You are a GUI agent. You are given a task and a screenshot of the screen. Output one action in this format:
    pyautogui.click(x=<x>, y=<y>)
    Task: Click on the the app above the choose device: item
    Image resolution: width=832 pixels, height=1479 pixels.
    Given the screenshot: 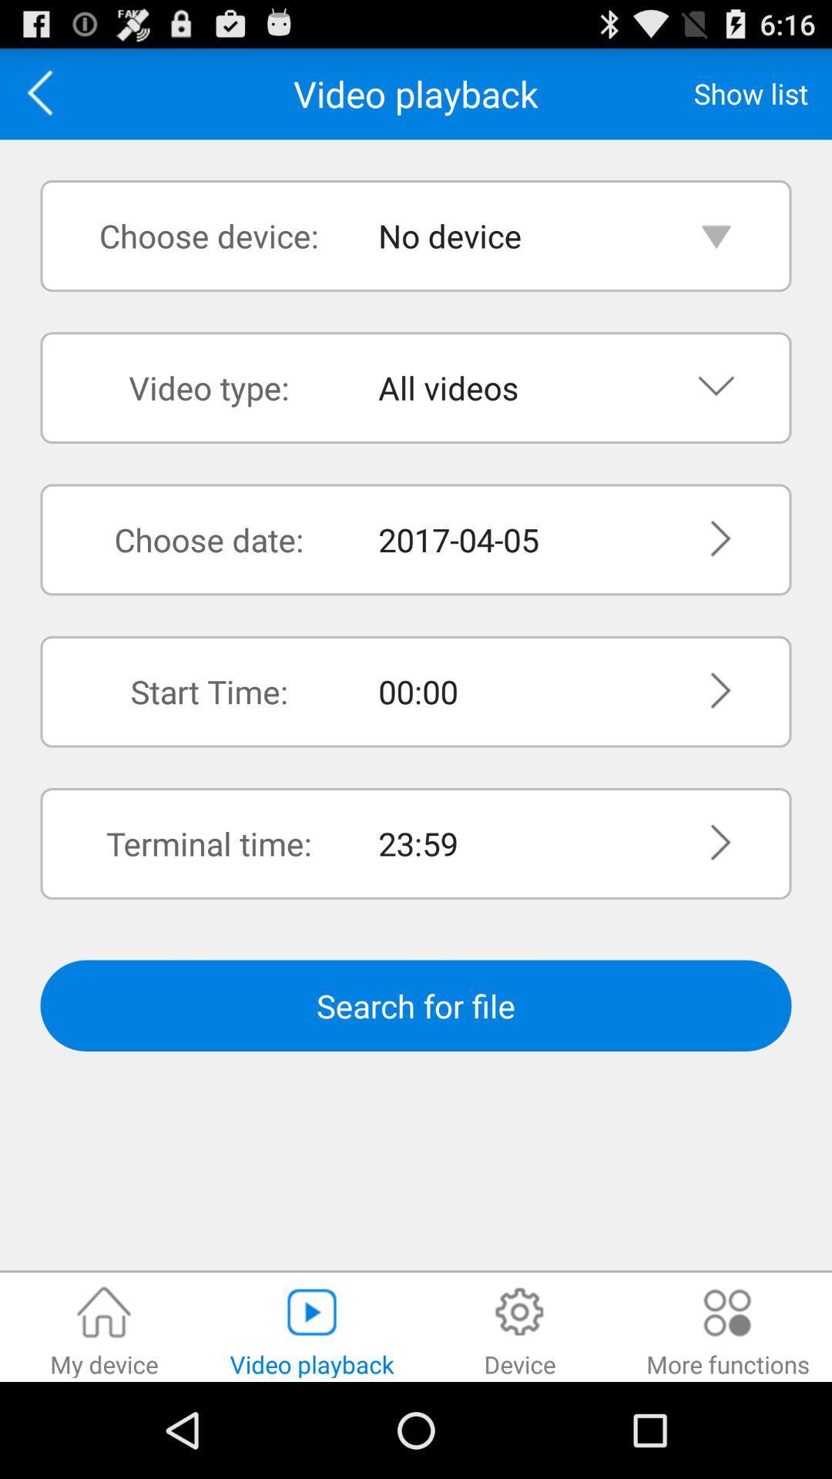 What is the action you would take?
    pyautogui.click(x=45, y=93)
    